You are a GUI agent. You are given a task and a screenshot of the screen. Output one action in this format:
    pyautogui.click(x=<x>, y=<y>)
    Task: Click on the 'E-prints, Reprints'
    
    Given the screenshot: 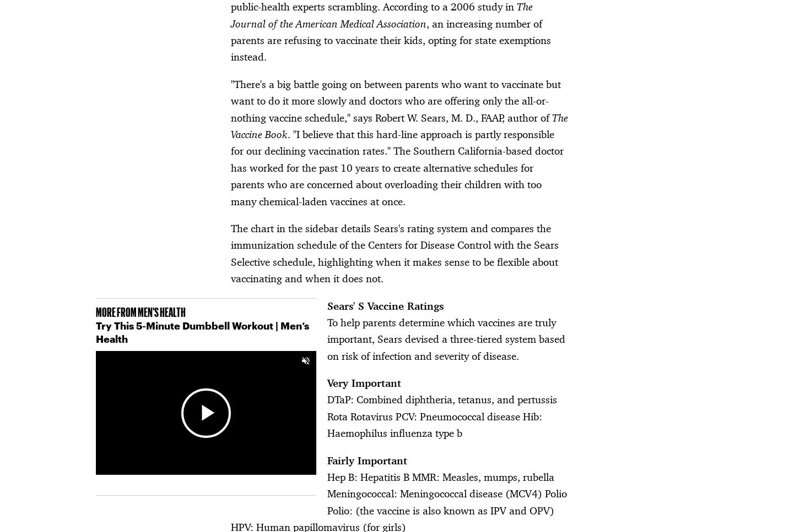 What is the action you would take?
    pyautogui.click(x=586, y=362)
    